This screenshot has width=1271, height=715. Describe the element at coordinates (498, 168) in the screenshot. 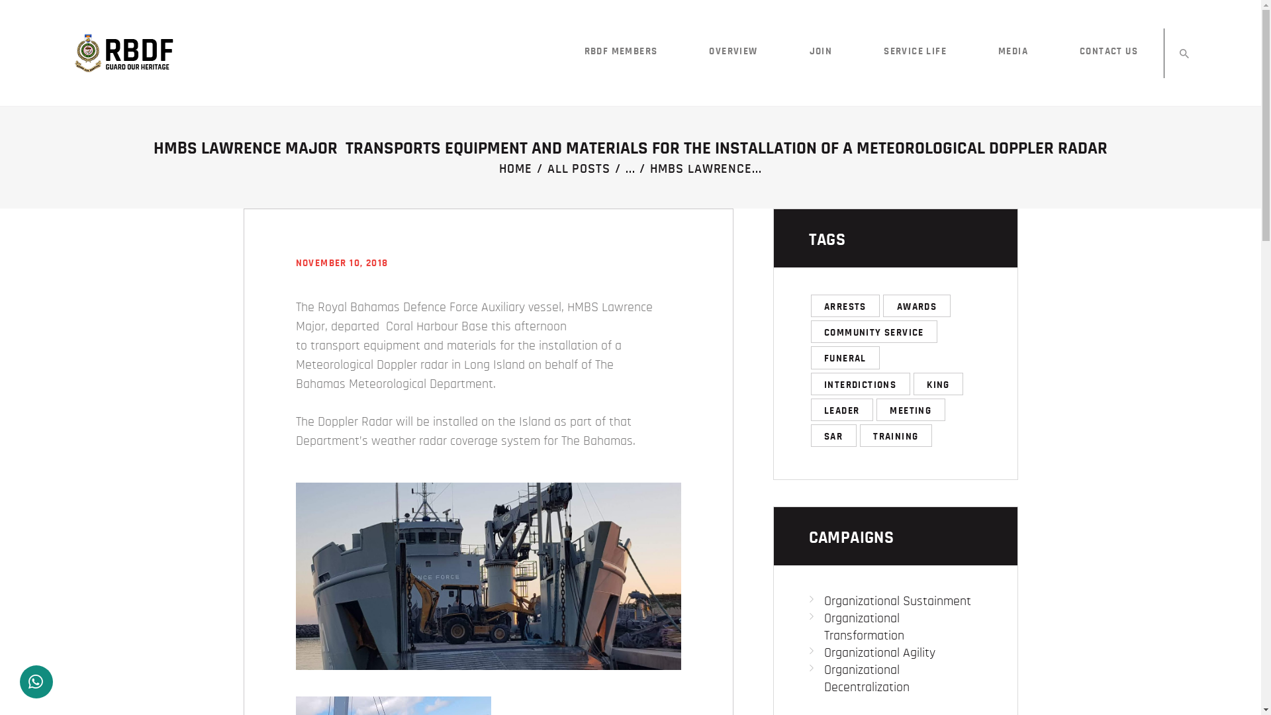

I see `'HOME'` at that location.